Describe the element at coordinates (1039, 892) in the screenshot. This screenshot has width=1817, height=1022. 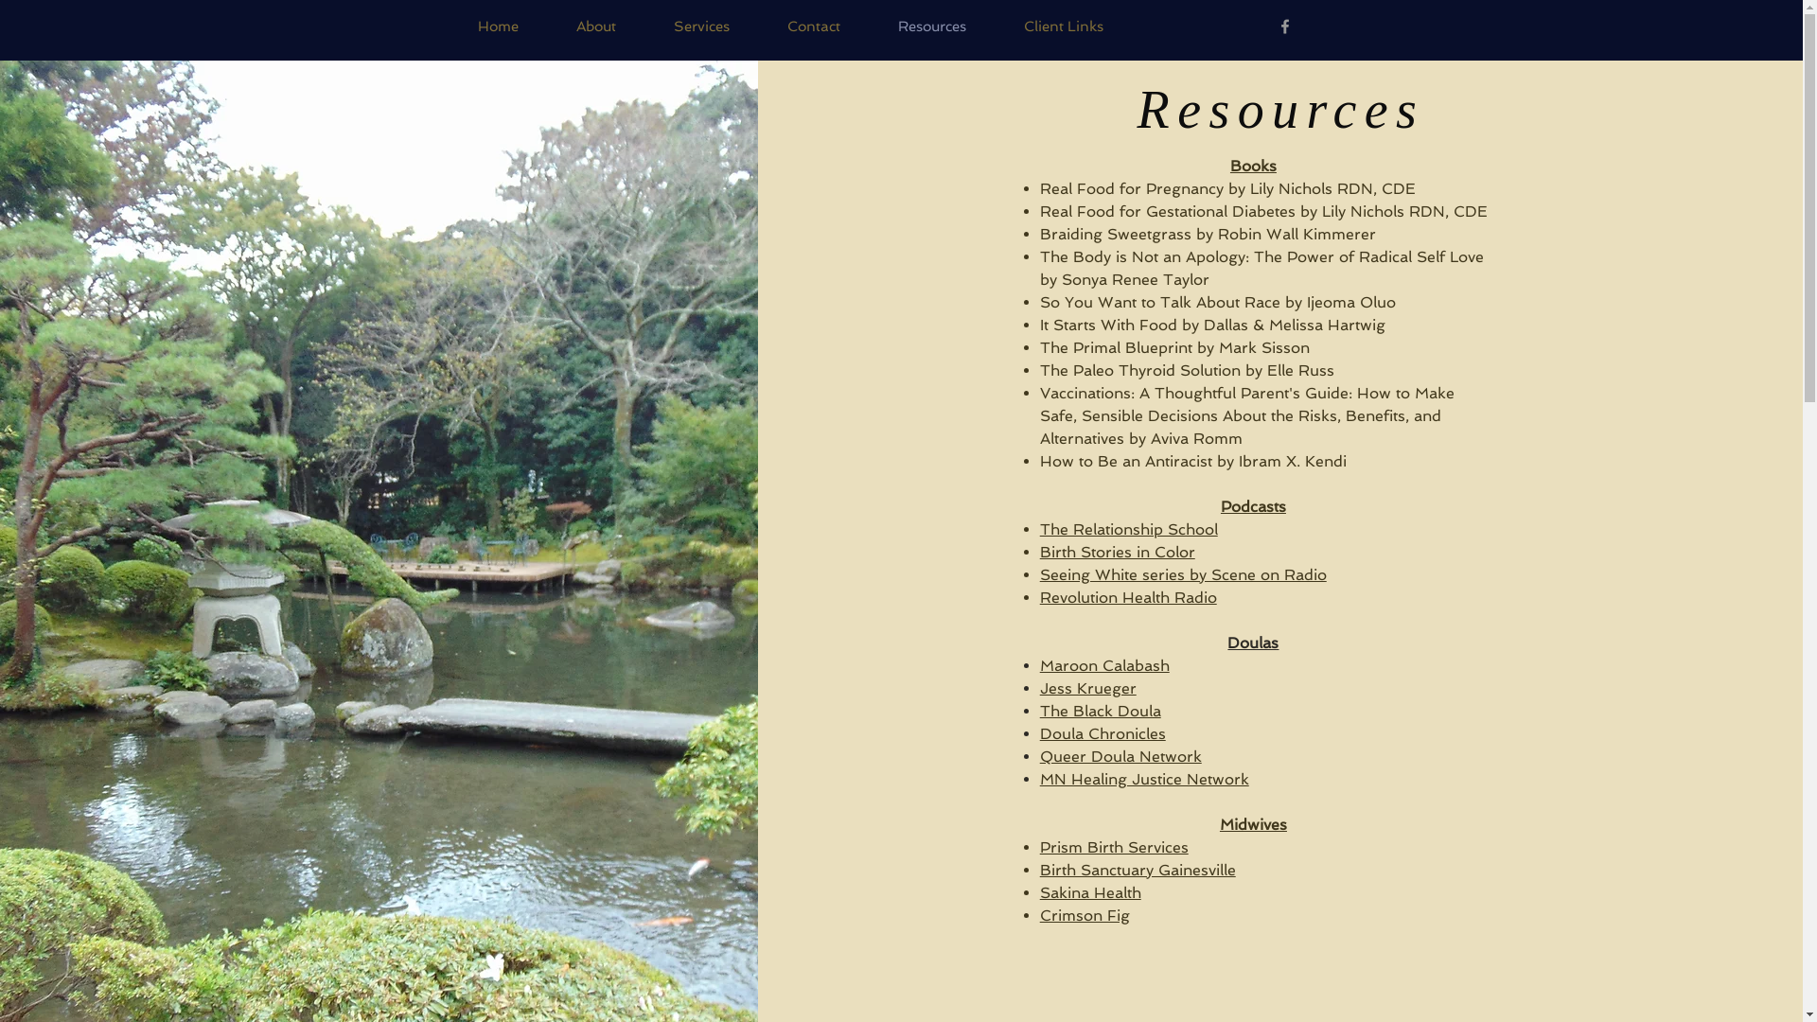
I see `'Sakina Health'` at that location.